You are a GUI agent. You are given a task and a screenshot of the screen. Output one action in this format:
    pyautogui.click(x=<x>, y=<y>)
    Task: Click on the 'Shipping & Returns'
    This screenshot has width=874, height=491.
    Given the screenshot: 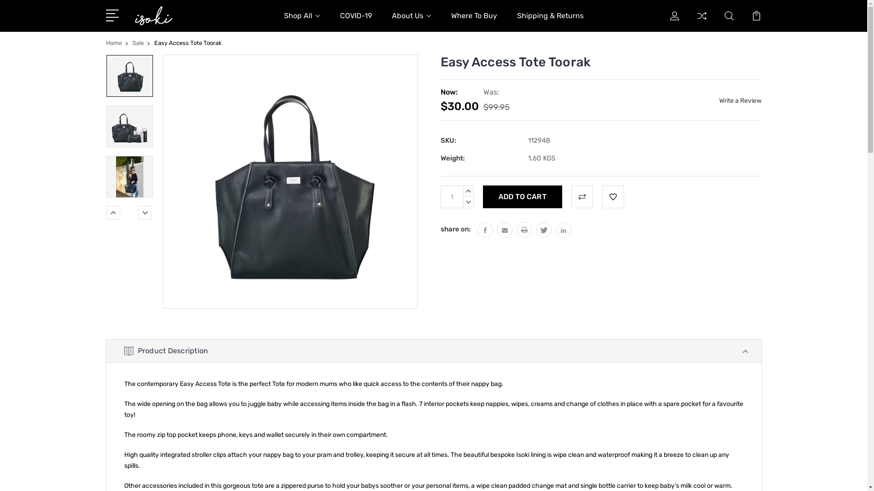 What is the action you would take?
    pyautogui.click(x=550, y=20)
    